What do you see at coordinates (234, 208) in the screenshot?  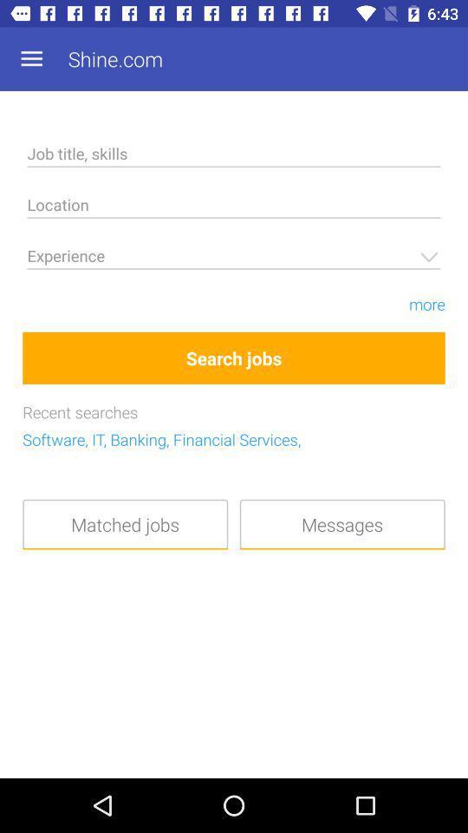 I see `the second text field` at bounding box center [234, 208].